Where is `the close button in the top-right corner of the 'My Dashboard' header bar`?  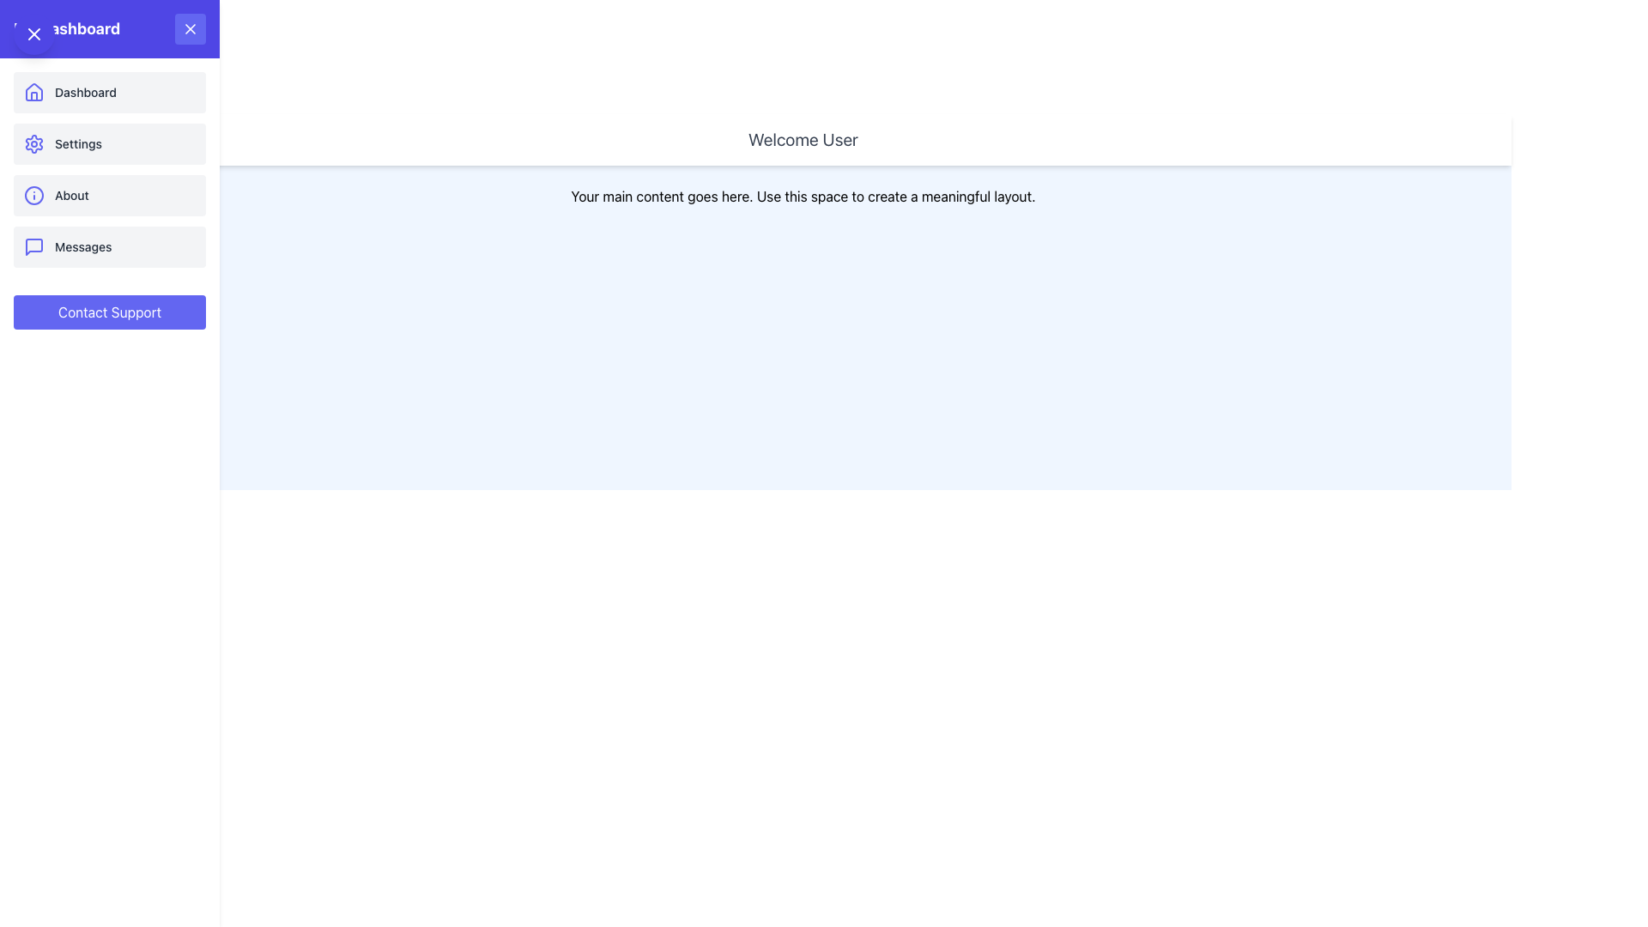
the close button in the top-right corner of the 'My Dashboard' header bar is located at coordinates (190, 29).